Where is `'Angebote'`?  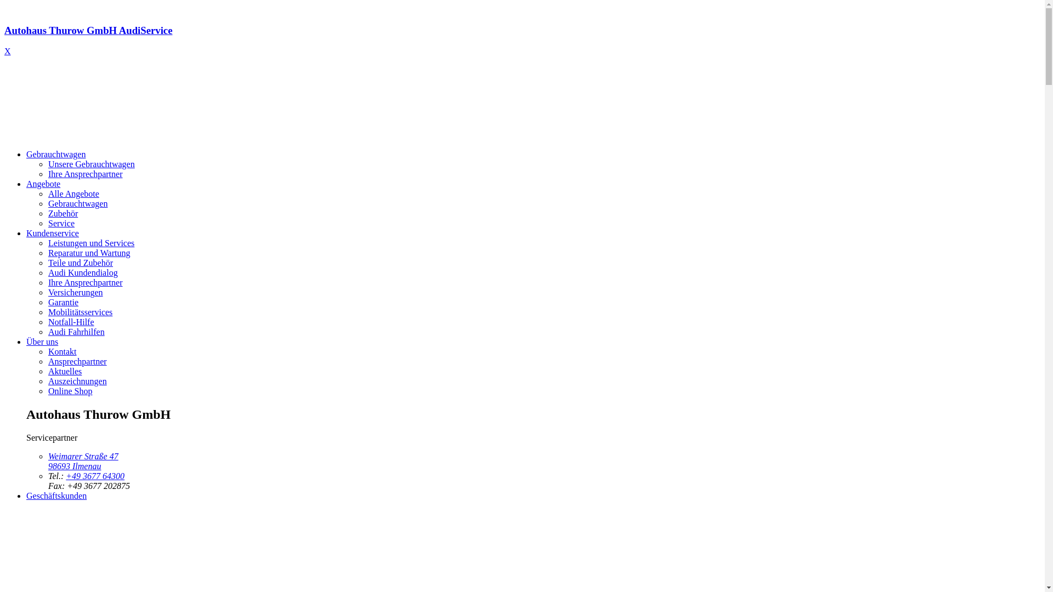
'Angebote' is located at coordinates (26, 183).